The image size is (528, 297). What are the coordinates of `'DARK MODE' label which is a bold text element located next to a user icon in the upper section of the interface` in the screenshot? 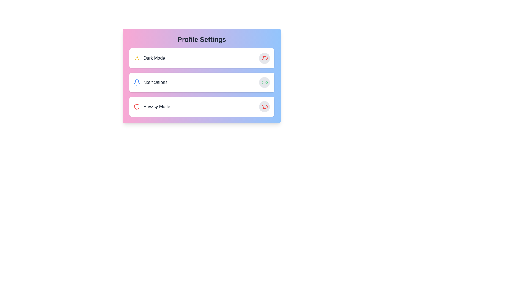 It's located at (154, 58).